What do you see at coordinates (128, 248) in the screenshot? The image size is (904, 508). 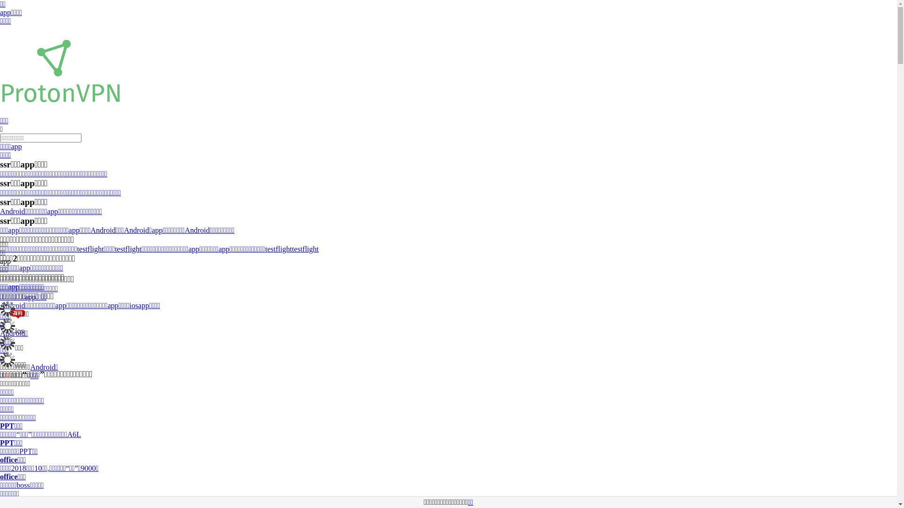 I see `'testflight'` at bounding box center [128, 248].